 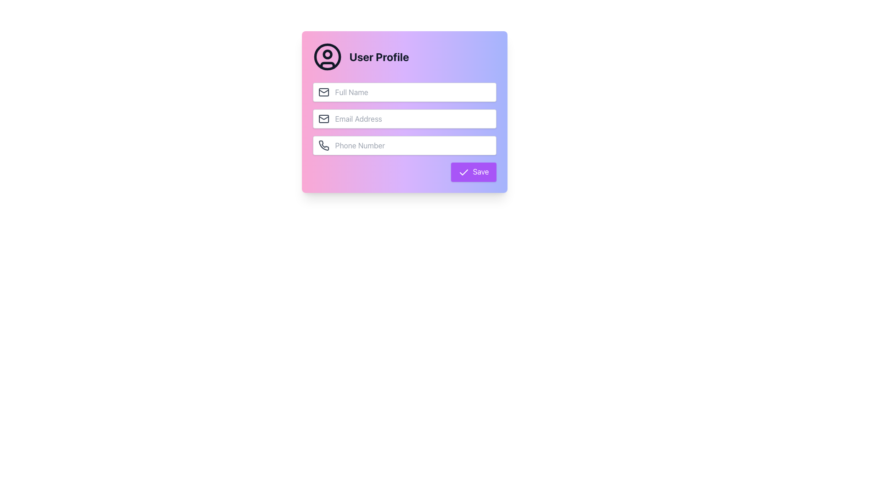 I want to click on the decorative icon on the left side of the 'Save' button located in the bottom-right section of the user profile form, so click(x=463, y=172).